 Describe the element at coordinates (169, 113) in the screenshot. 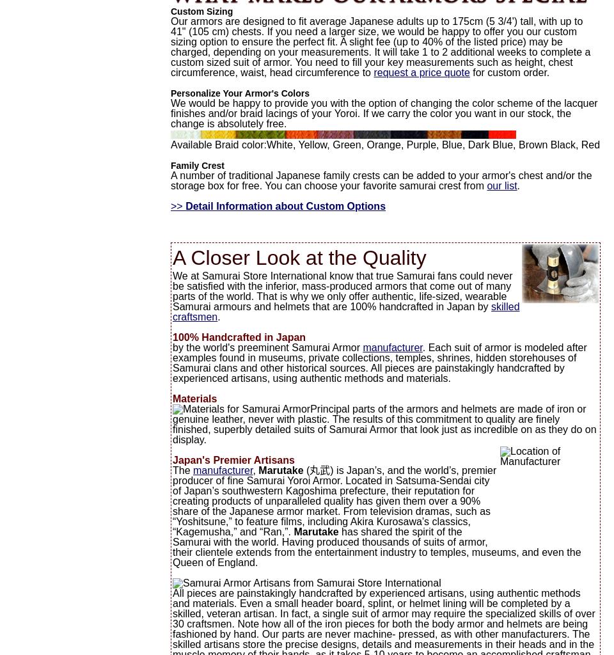

I see `'We would be happy to provide you with the option of changing the color scheme of the lacquer finishes and/or braid lacings of your Yoroi. If we carry the color you want in our stock, the change is absolutely free.'` at that location.